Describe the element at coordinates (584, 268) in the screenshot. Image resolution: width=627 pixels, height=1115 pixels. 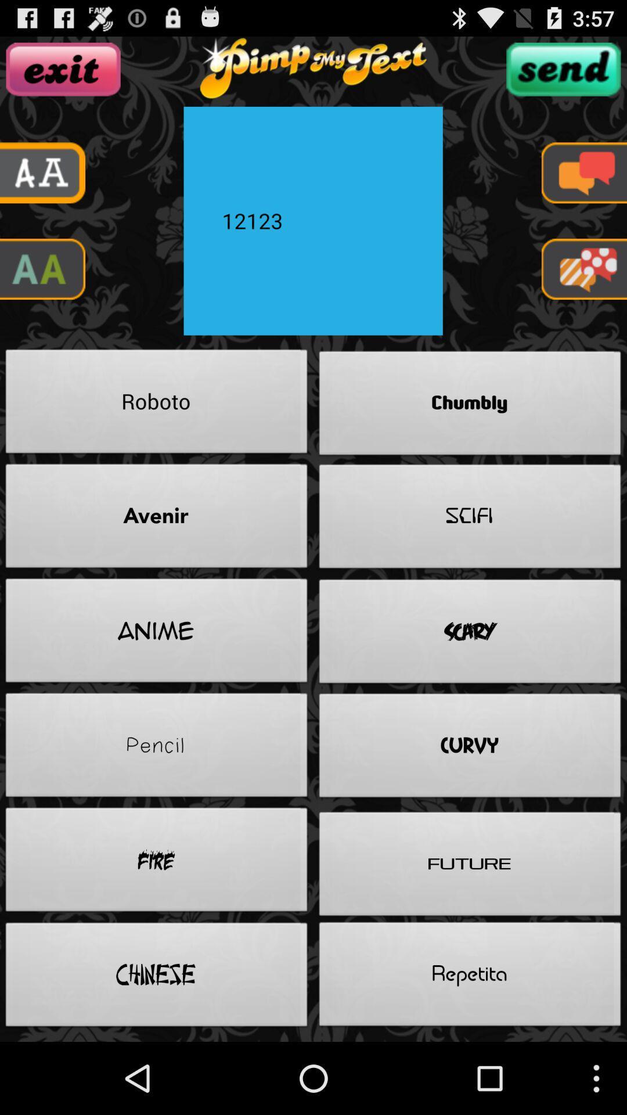
I see `menu pega` at that location.